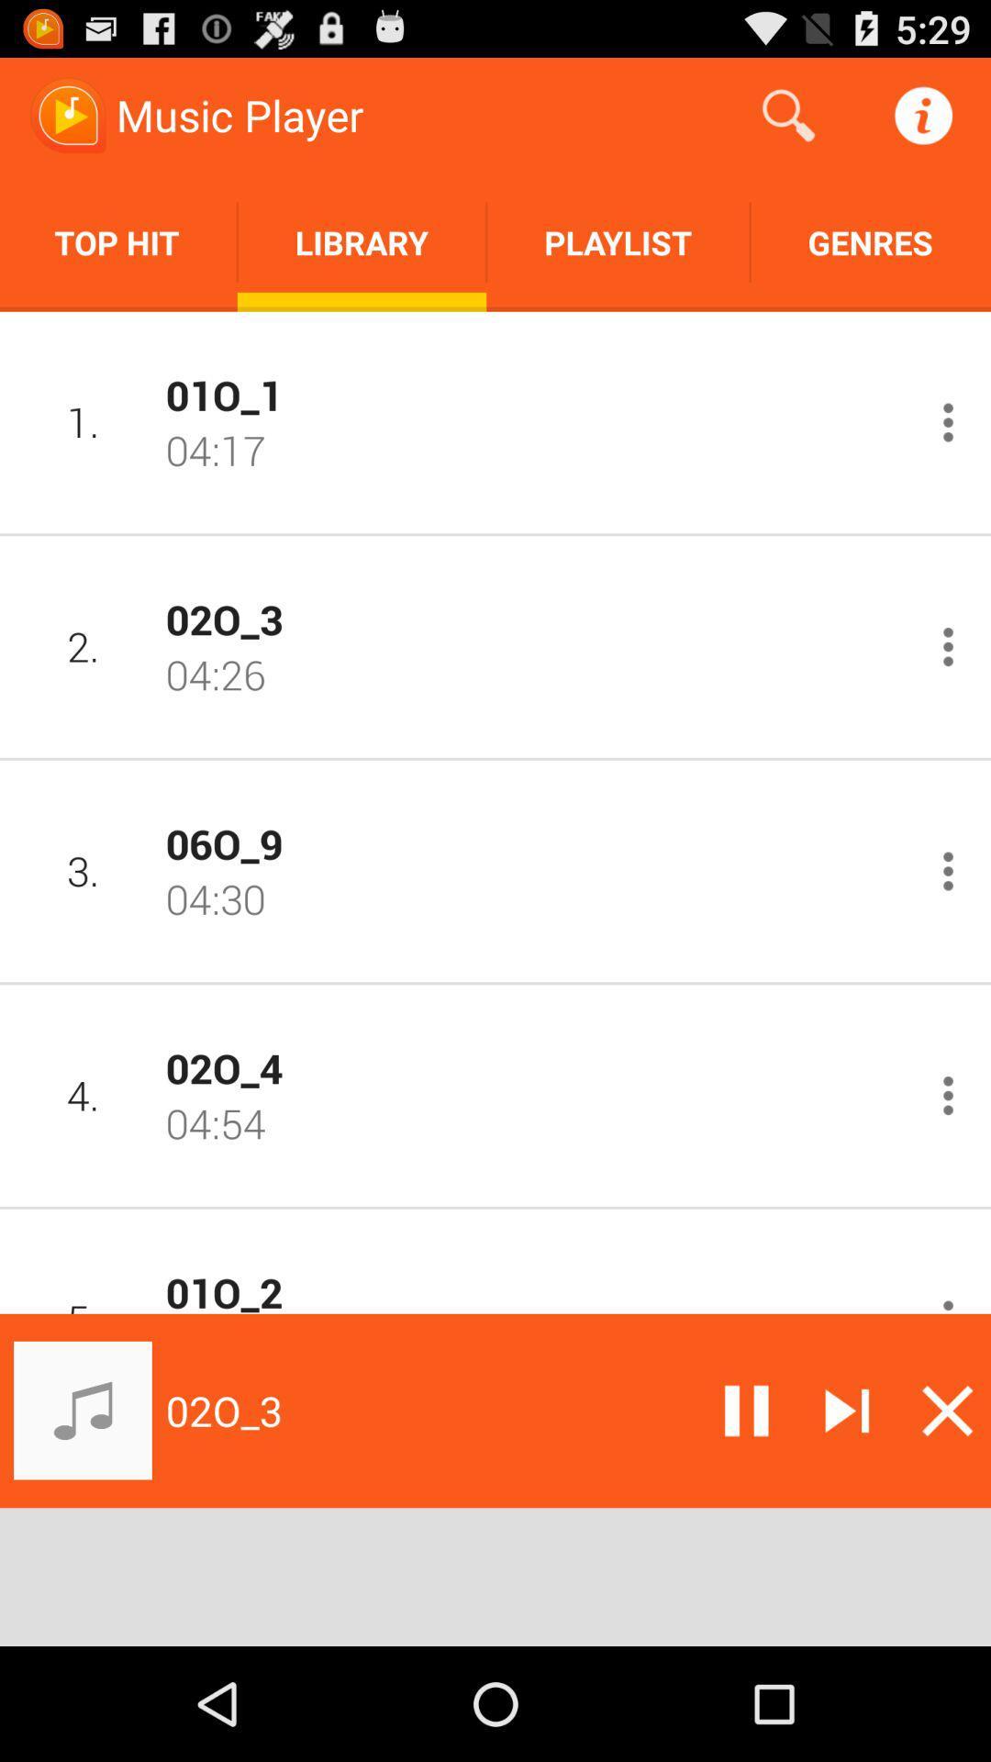 Image resolution: width=991 pixels, height=1762 pixels. Describe the element at coordinates (83, 646) in the screenshot. I see `the icon to the left of the 02o_3 app` at that location.